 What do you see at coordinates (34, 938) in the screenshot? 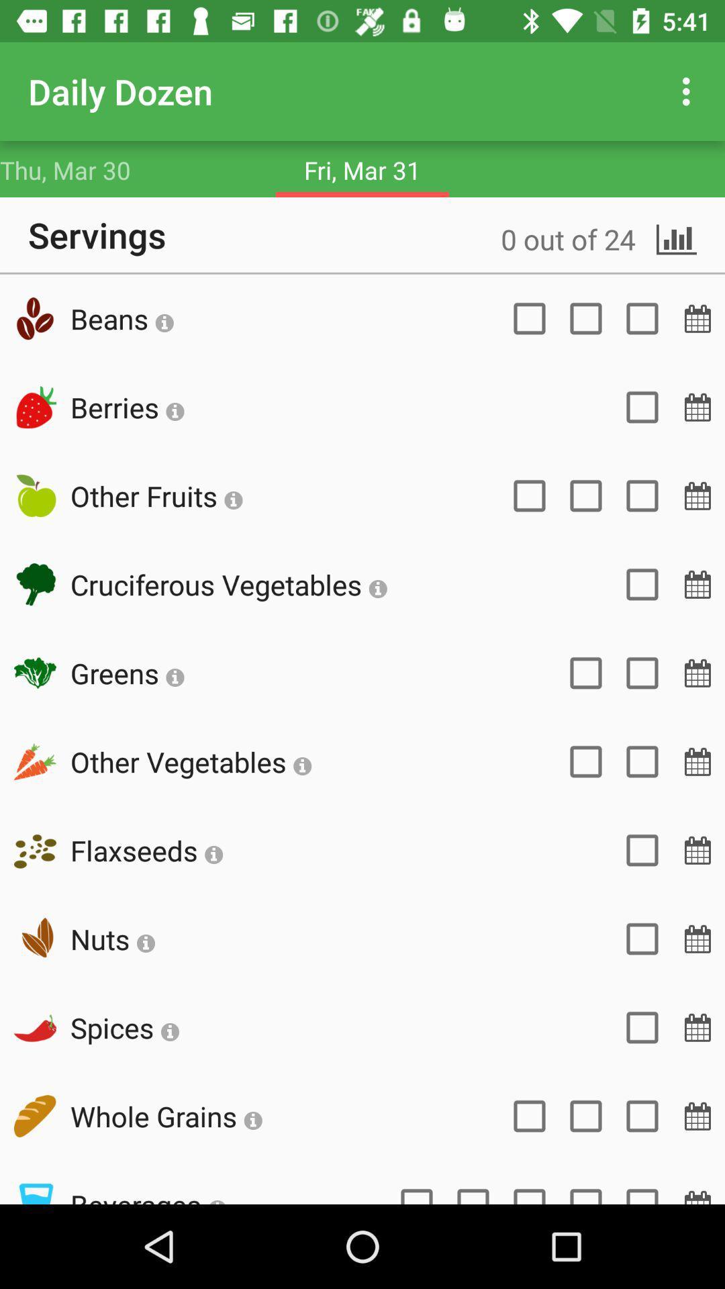
I see `the volume icon` at bounding box center [34, 938].